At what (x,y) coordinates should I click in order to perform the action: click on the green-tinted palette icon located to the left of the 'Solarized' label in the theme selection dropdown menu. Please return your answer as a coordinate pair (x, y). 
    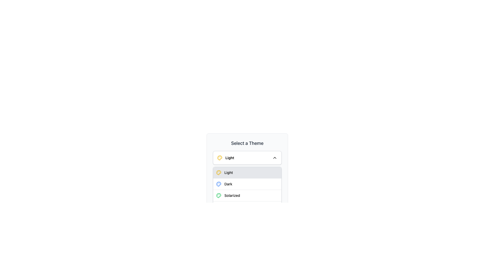
    Looking at the image, I should click on (219, 195).